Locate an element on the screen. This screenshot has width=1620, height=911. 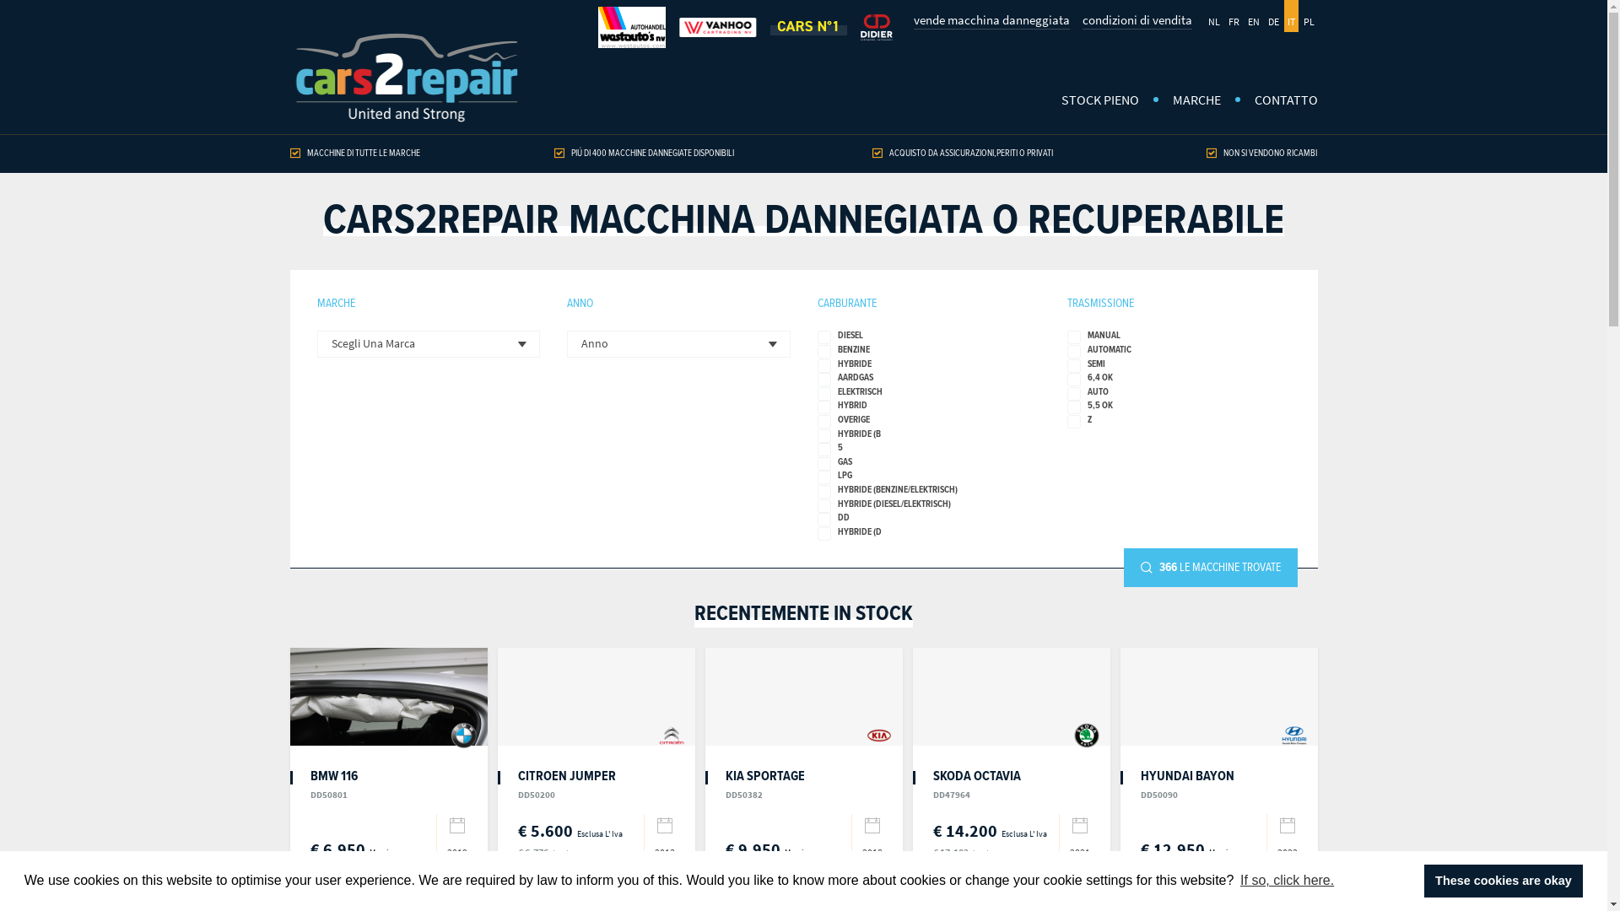
'CITROEN JUMPER is located at coordinates (567, 784).